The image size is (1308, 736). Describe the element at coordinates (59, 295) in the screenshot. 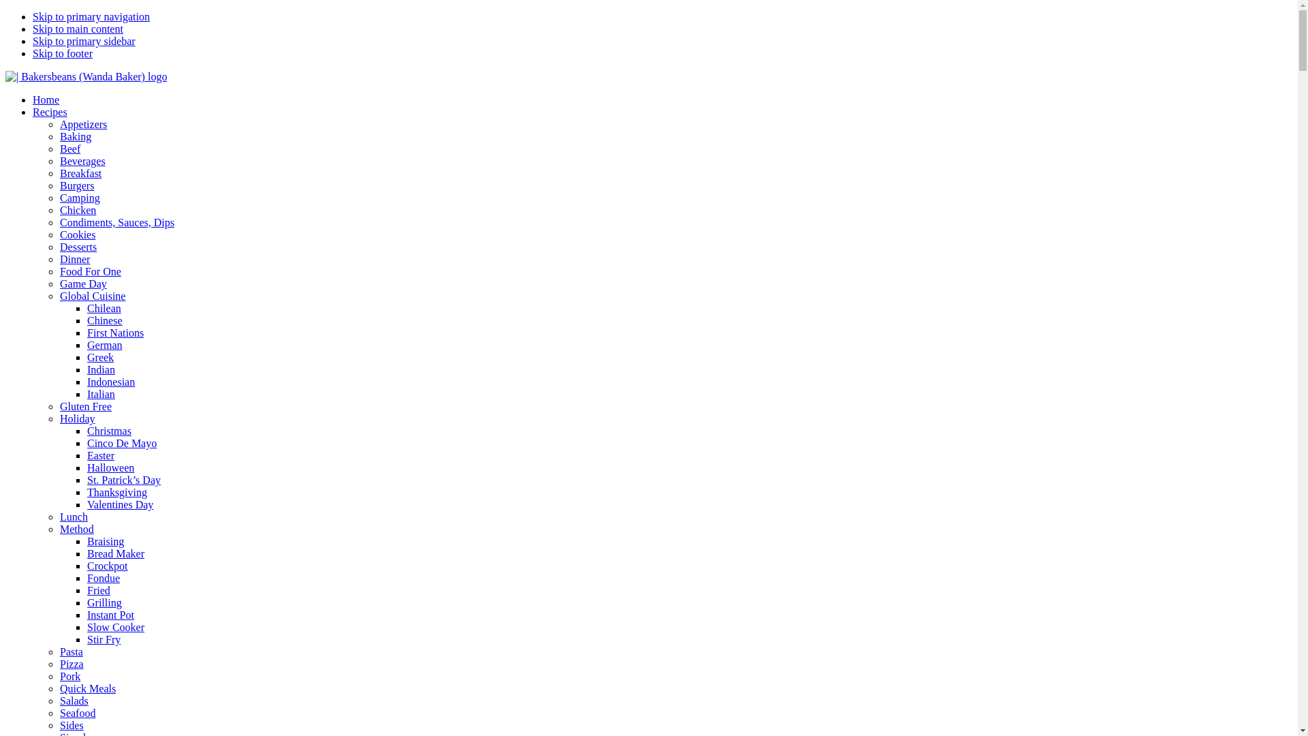

I see `'Global Cuisine'` at that location.